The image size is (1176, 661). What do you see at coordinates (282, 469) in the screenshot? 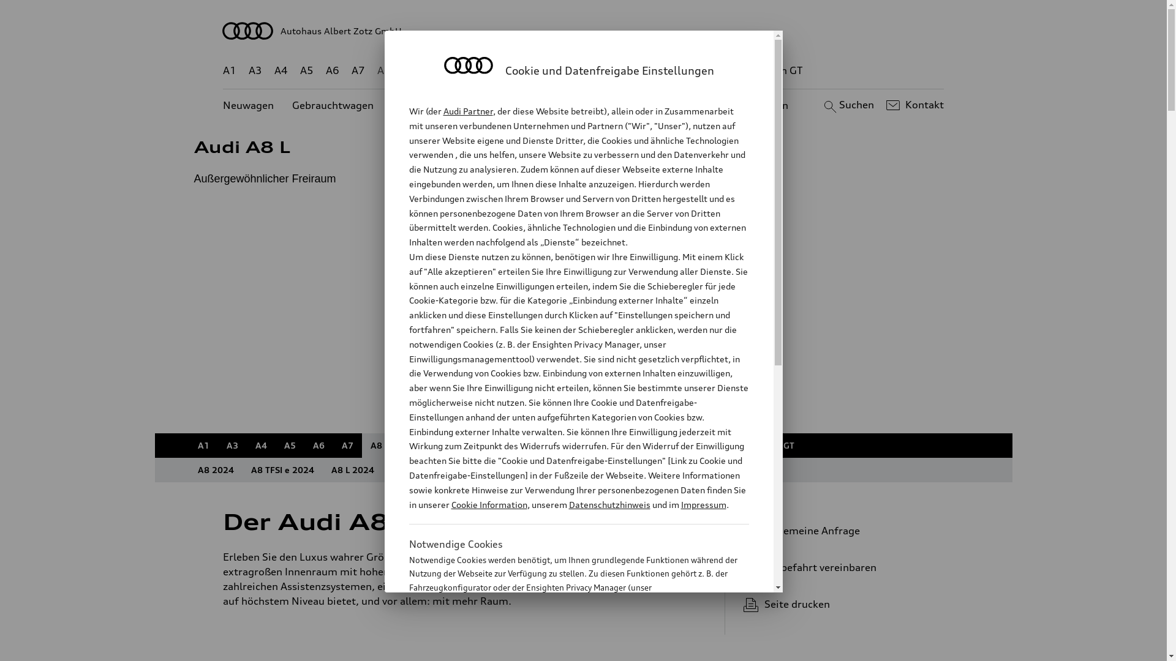
I see `'A8 TFSI e 2024'` at bounding box center [282, 469].